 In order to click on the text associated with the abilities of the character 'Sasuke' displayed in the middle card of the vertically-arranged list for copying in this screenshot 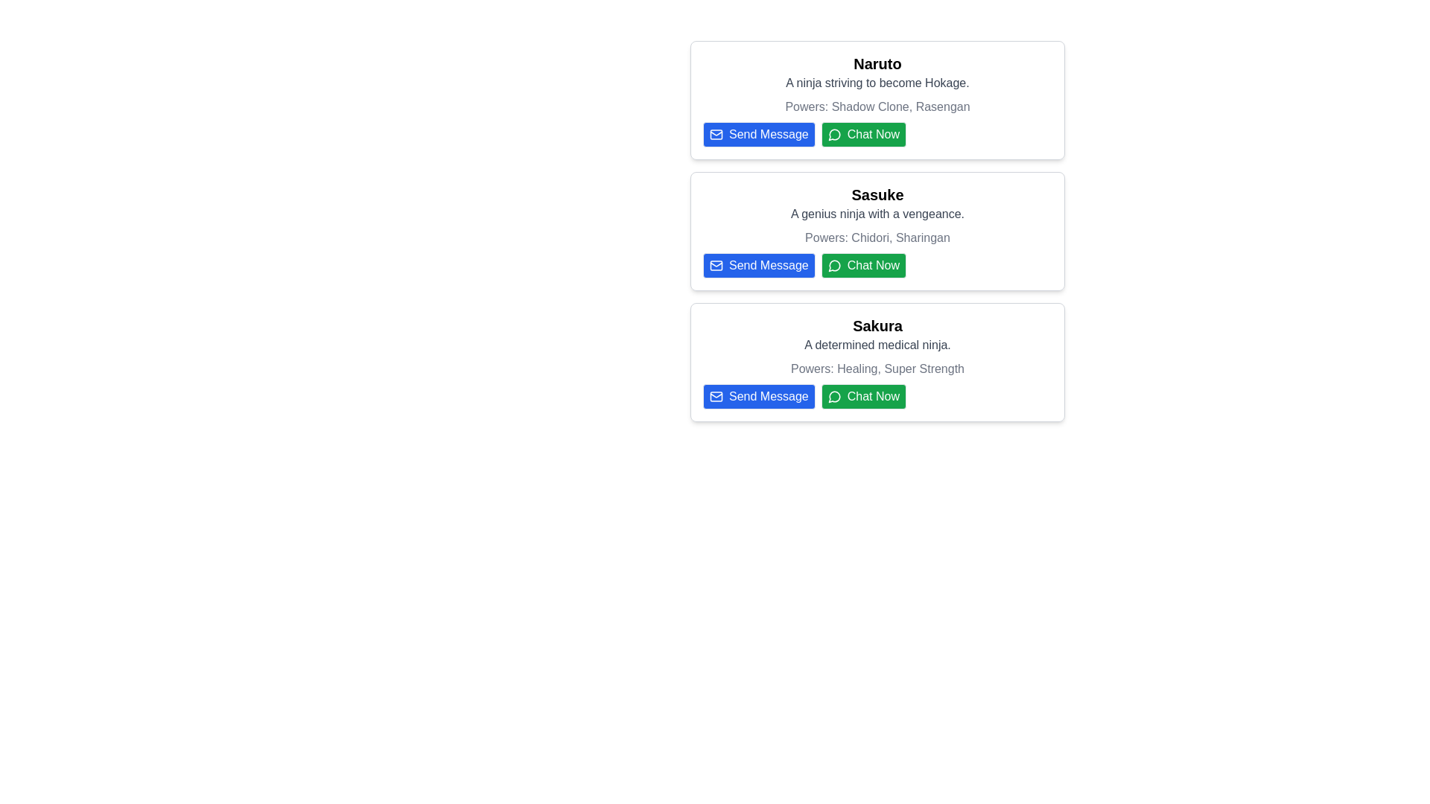, I will do `click(877, 237)`.